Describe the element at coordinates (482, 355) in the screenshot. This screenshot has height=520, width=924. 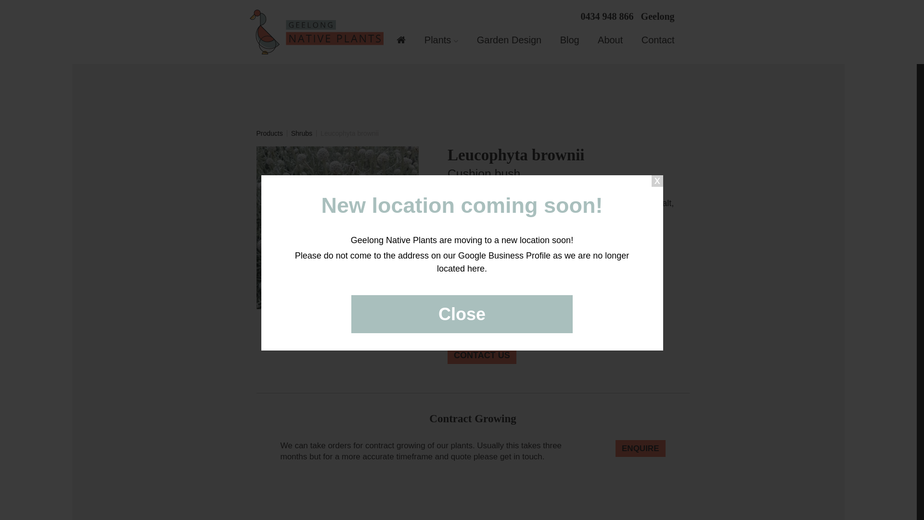
I see `'CONTACT US'` at that location.